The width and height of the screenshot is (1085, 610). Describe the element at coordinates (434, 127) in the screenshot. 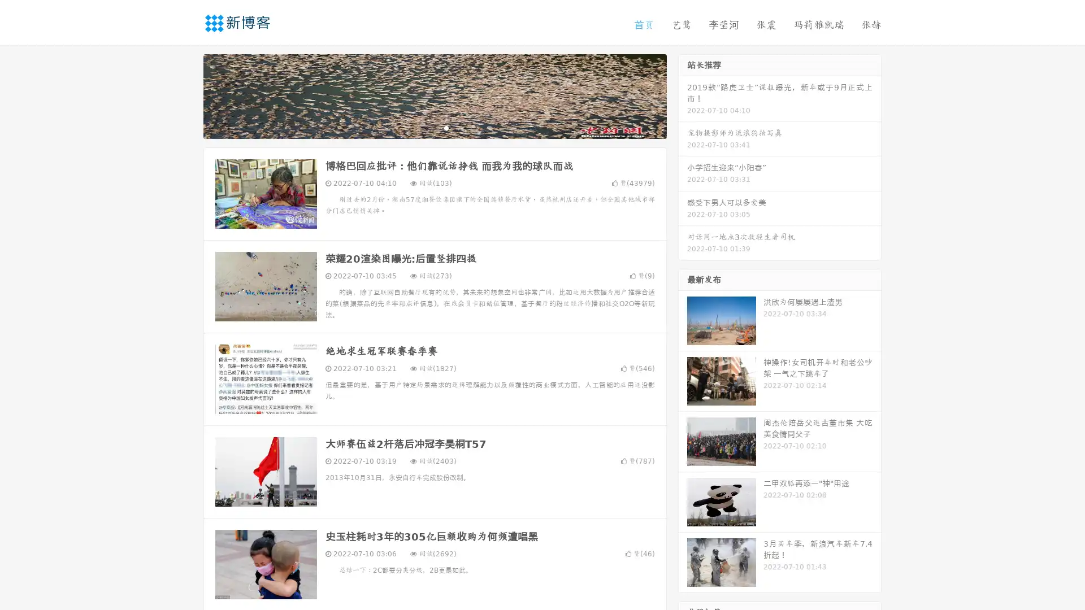

I see `Go to slide 2` at that location.